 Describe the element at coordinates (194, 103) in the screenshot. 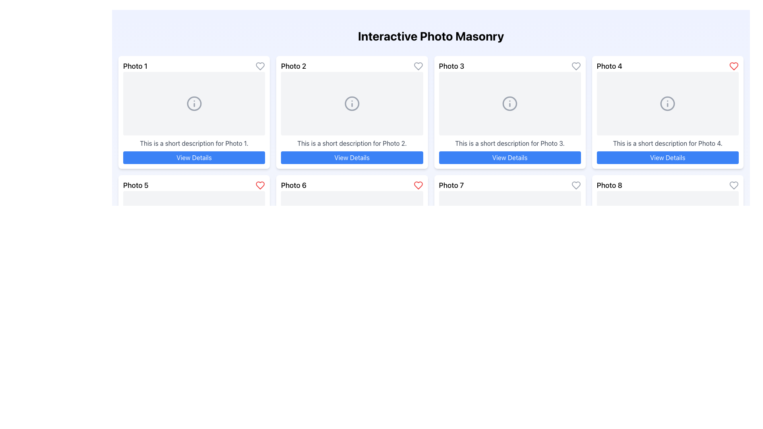

I see `the innermost circular shape of the info icon located in the top-left corner of the photo grid for 'Photo 1'` at that location.